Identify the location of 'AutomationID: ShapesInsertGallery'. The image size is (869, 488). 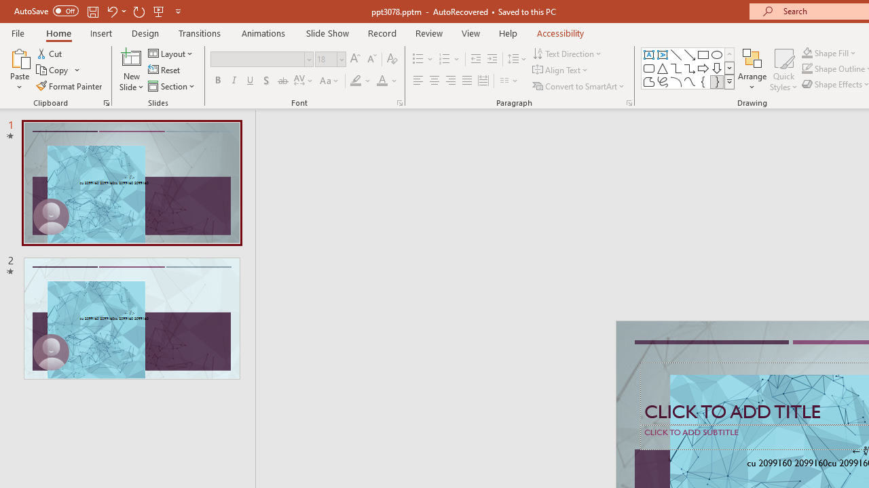
(688, 68).